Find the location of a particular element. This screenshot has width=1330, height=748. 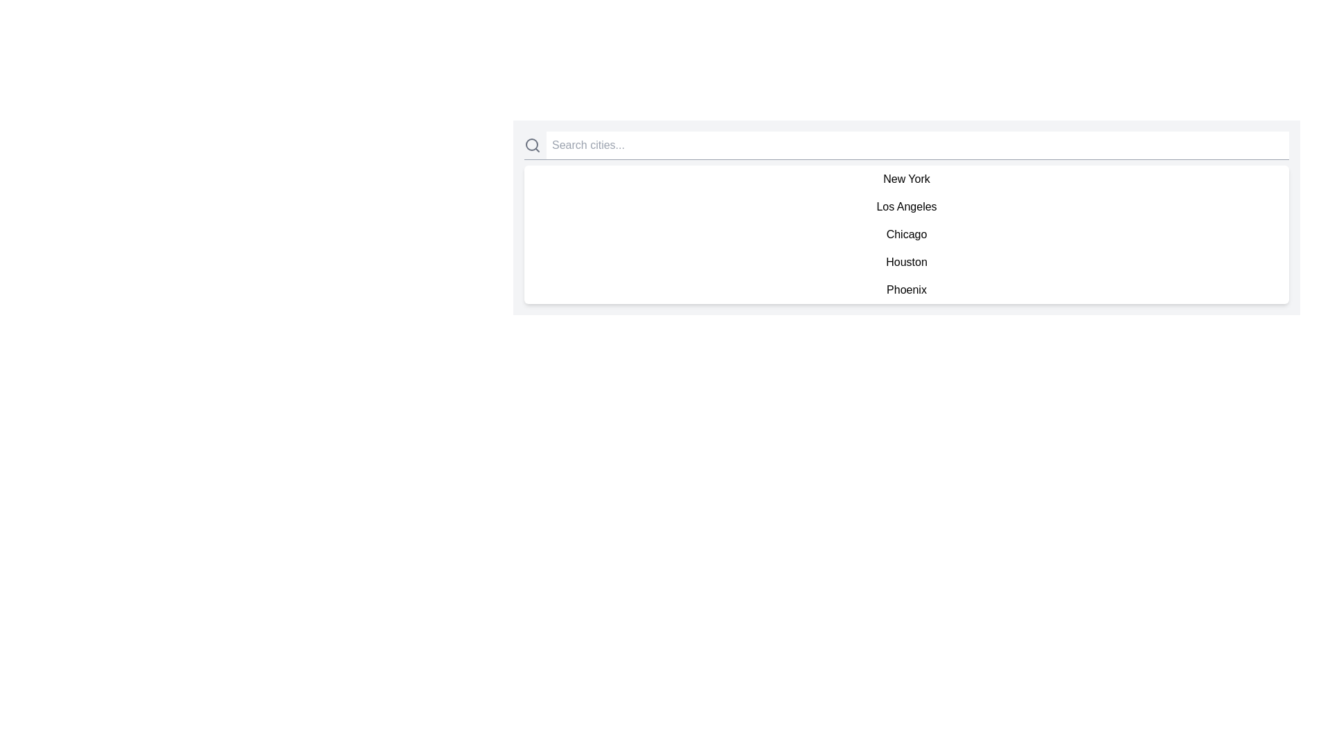

the text-based list item displaying 'New York' is located at coordinates (907, 178).